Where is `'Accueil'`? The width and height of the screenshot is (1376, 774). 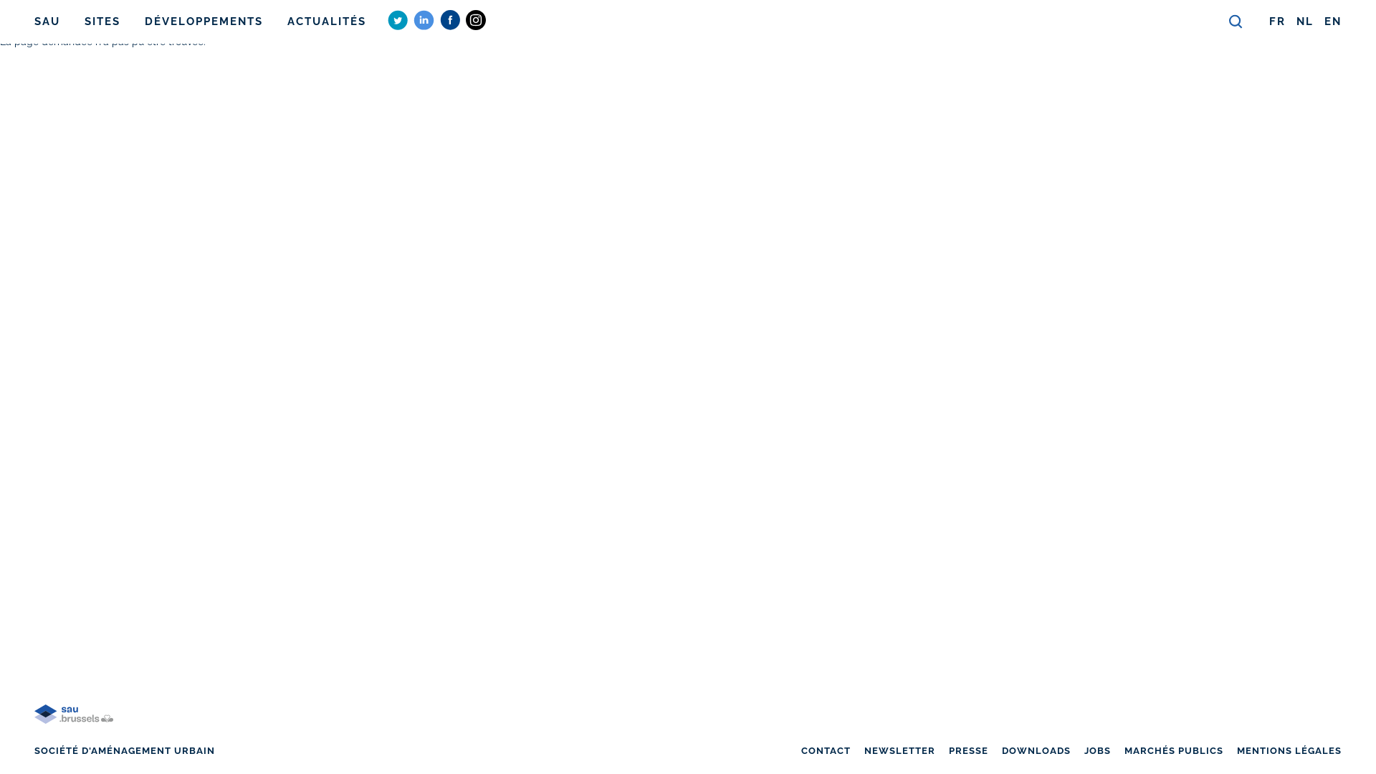 'Accueil' is located at coordinates (72, 732).